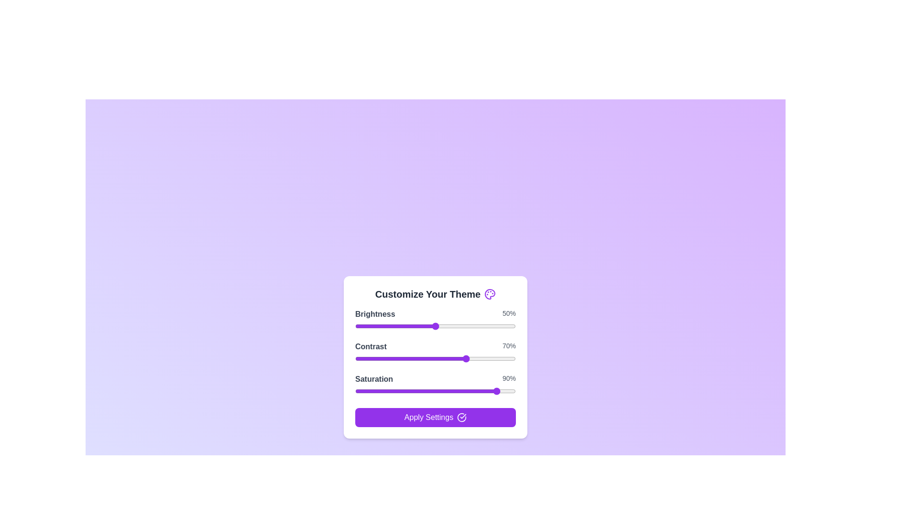 The width and height of the screenshot is (918, 516). I want to click on the contrast slider to 68%, so click(464, 359).